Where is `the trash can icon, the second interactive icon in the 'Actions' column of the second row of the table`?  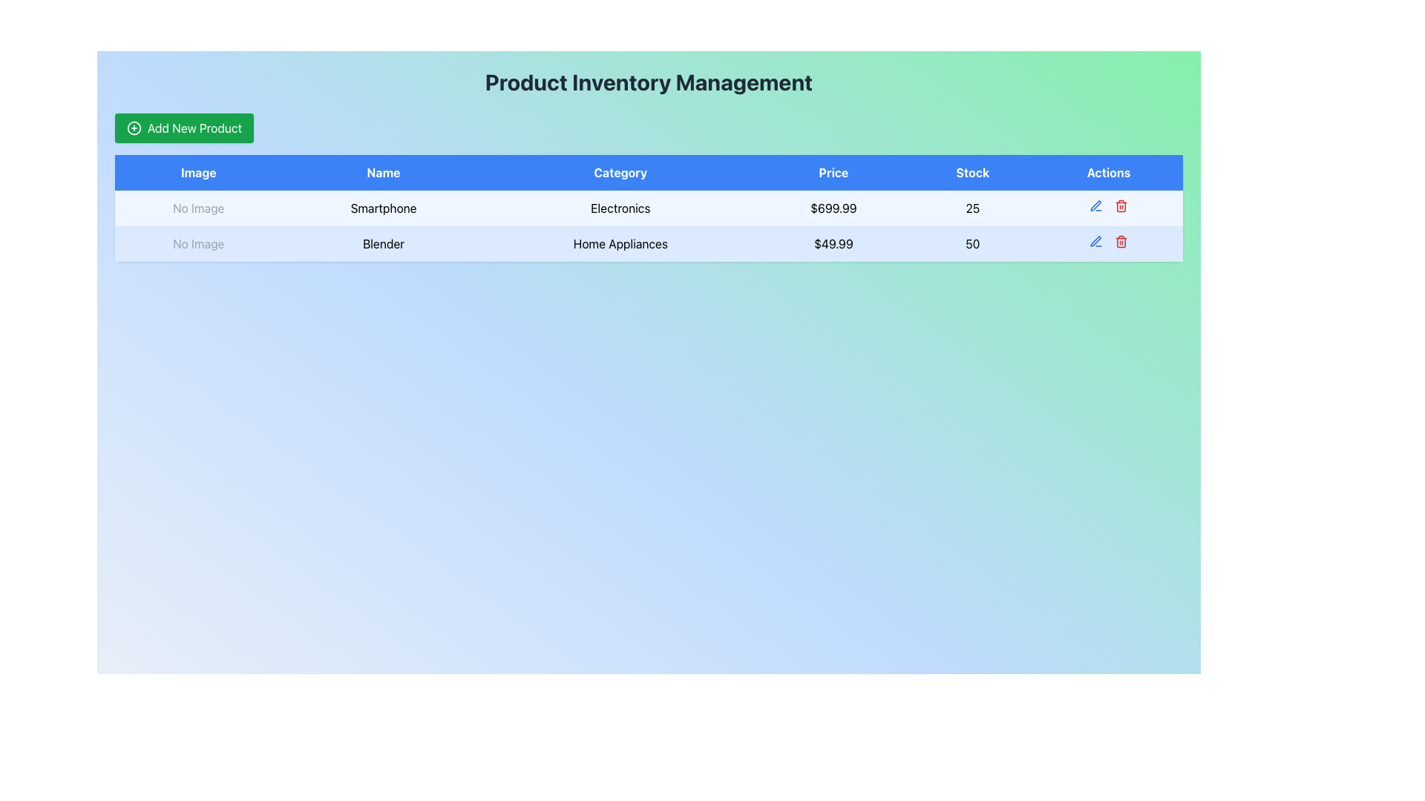
the trash can icon, the second interactive icon in the 'Actions' column of the second row of the table is located at coordinates (1121, 241).